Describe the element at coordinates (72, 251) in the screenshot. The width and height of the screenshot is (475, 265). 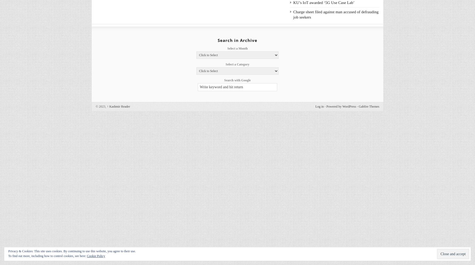
I see `'Privacy & Cookies: This site uses cookies. By continuing to use this website, you agree to their use.'` at that location.